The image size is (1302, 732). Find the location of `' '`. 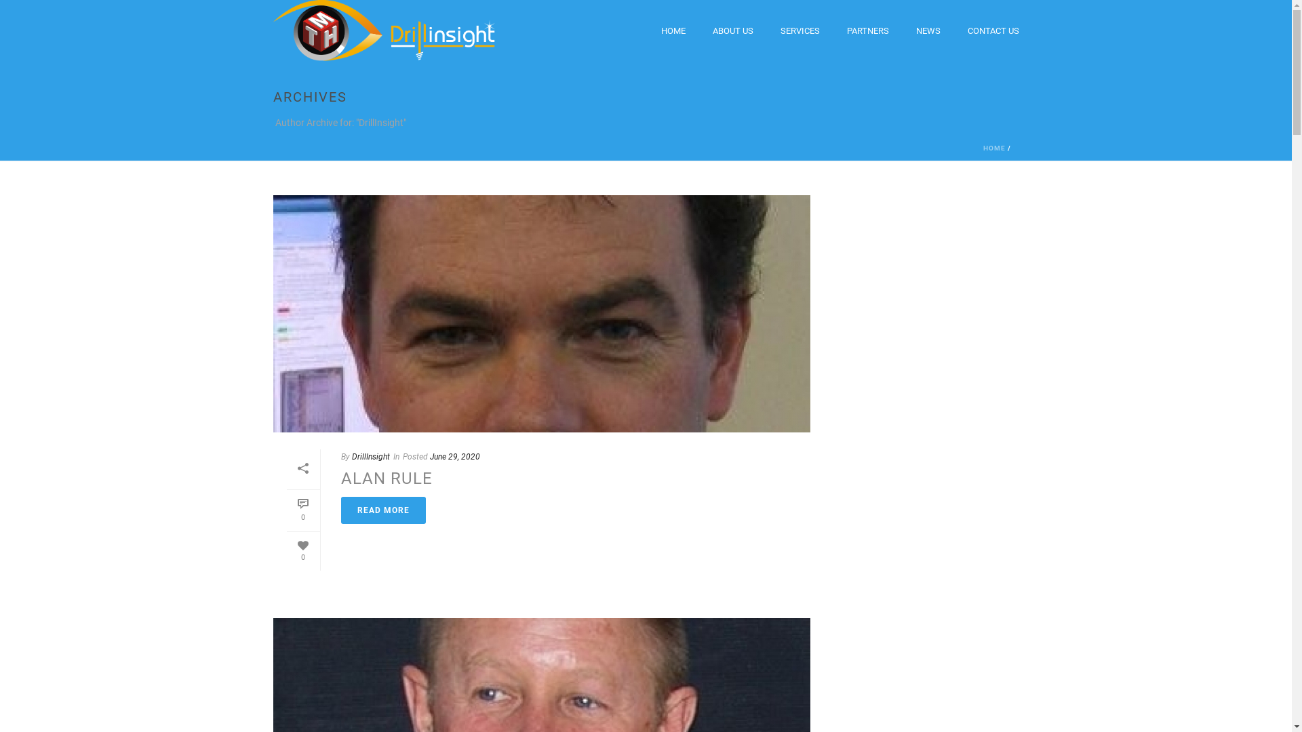

' ' is located at coordinates (540, 313).